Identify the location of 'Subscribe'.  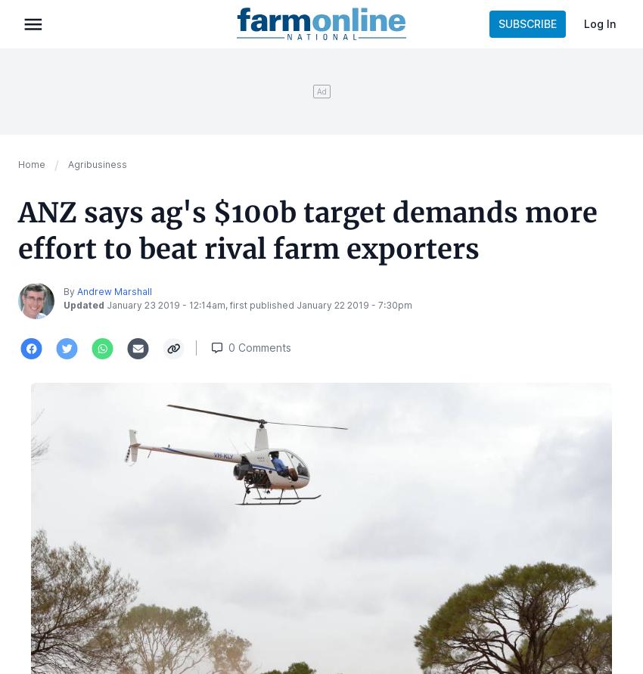
(527, 23).